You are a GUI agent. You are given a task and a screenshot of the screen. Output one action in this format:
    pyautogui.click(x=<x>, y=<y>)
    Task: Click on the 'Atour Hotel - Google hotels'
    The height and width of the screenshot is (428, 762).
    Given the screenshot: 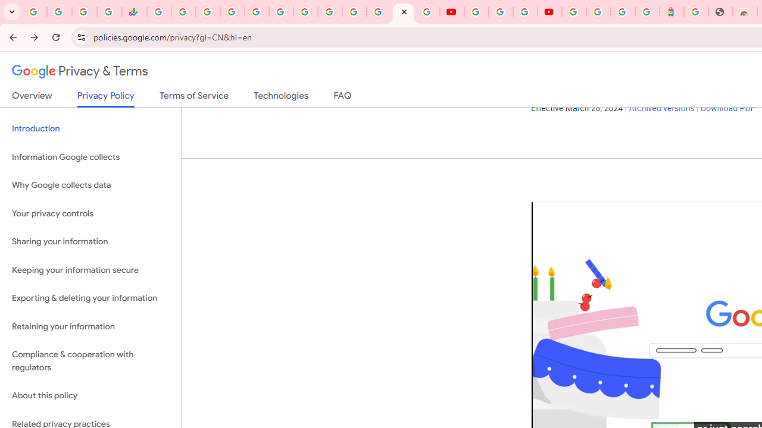 What is the action you would take?
    pyautogui.click(x=672, y=12)
    